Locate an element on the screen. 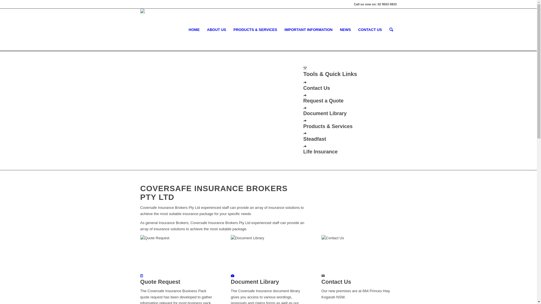  'Document Library' is located at coordinates (325, 113).